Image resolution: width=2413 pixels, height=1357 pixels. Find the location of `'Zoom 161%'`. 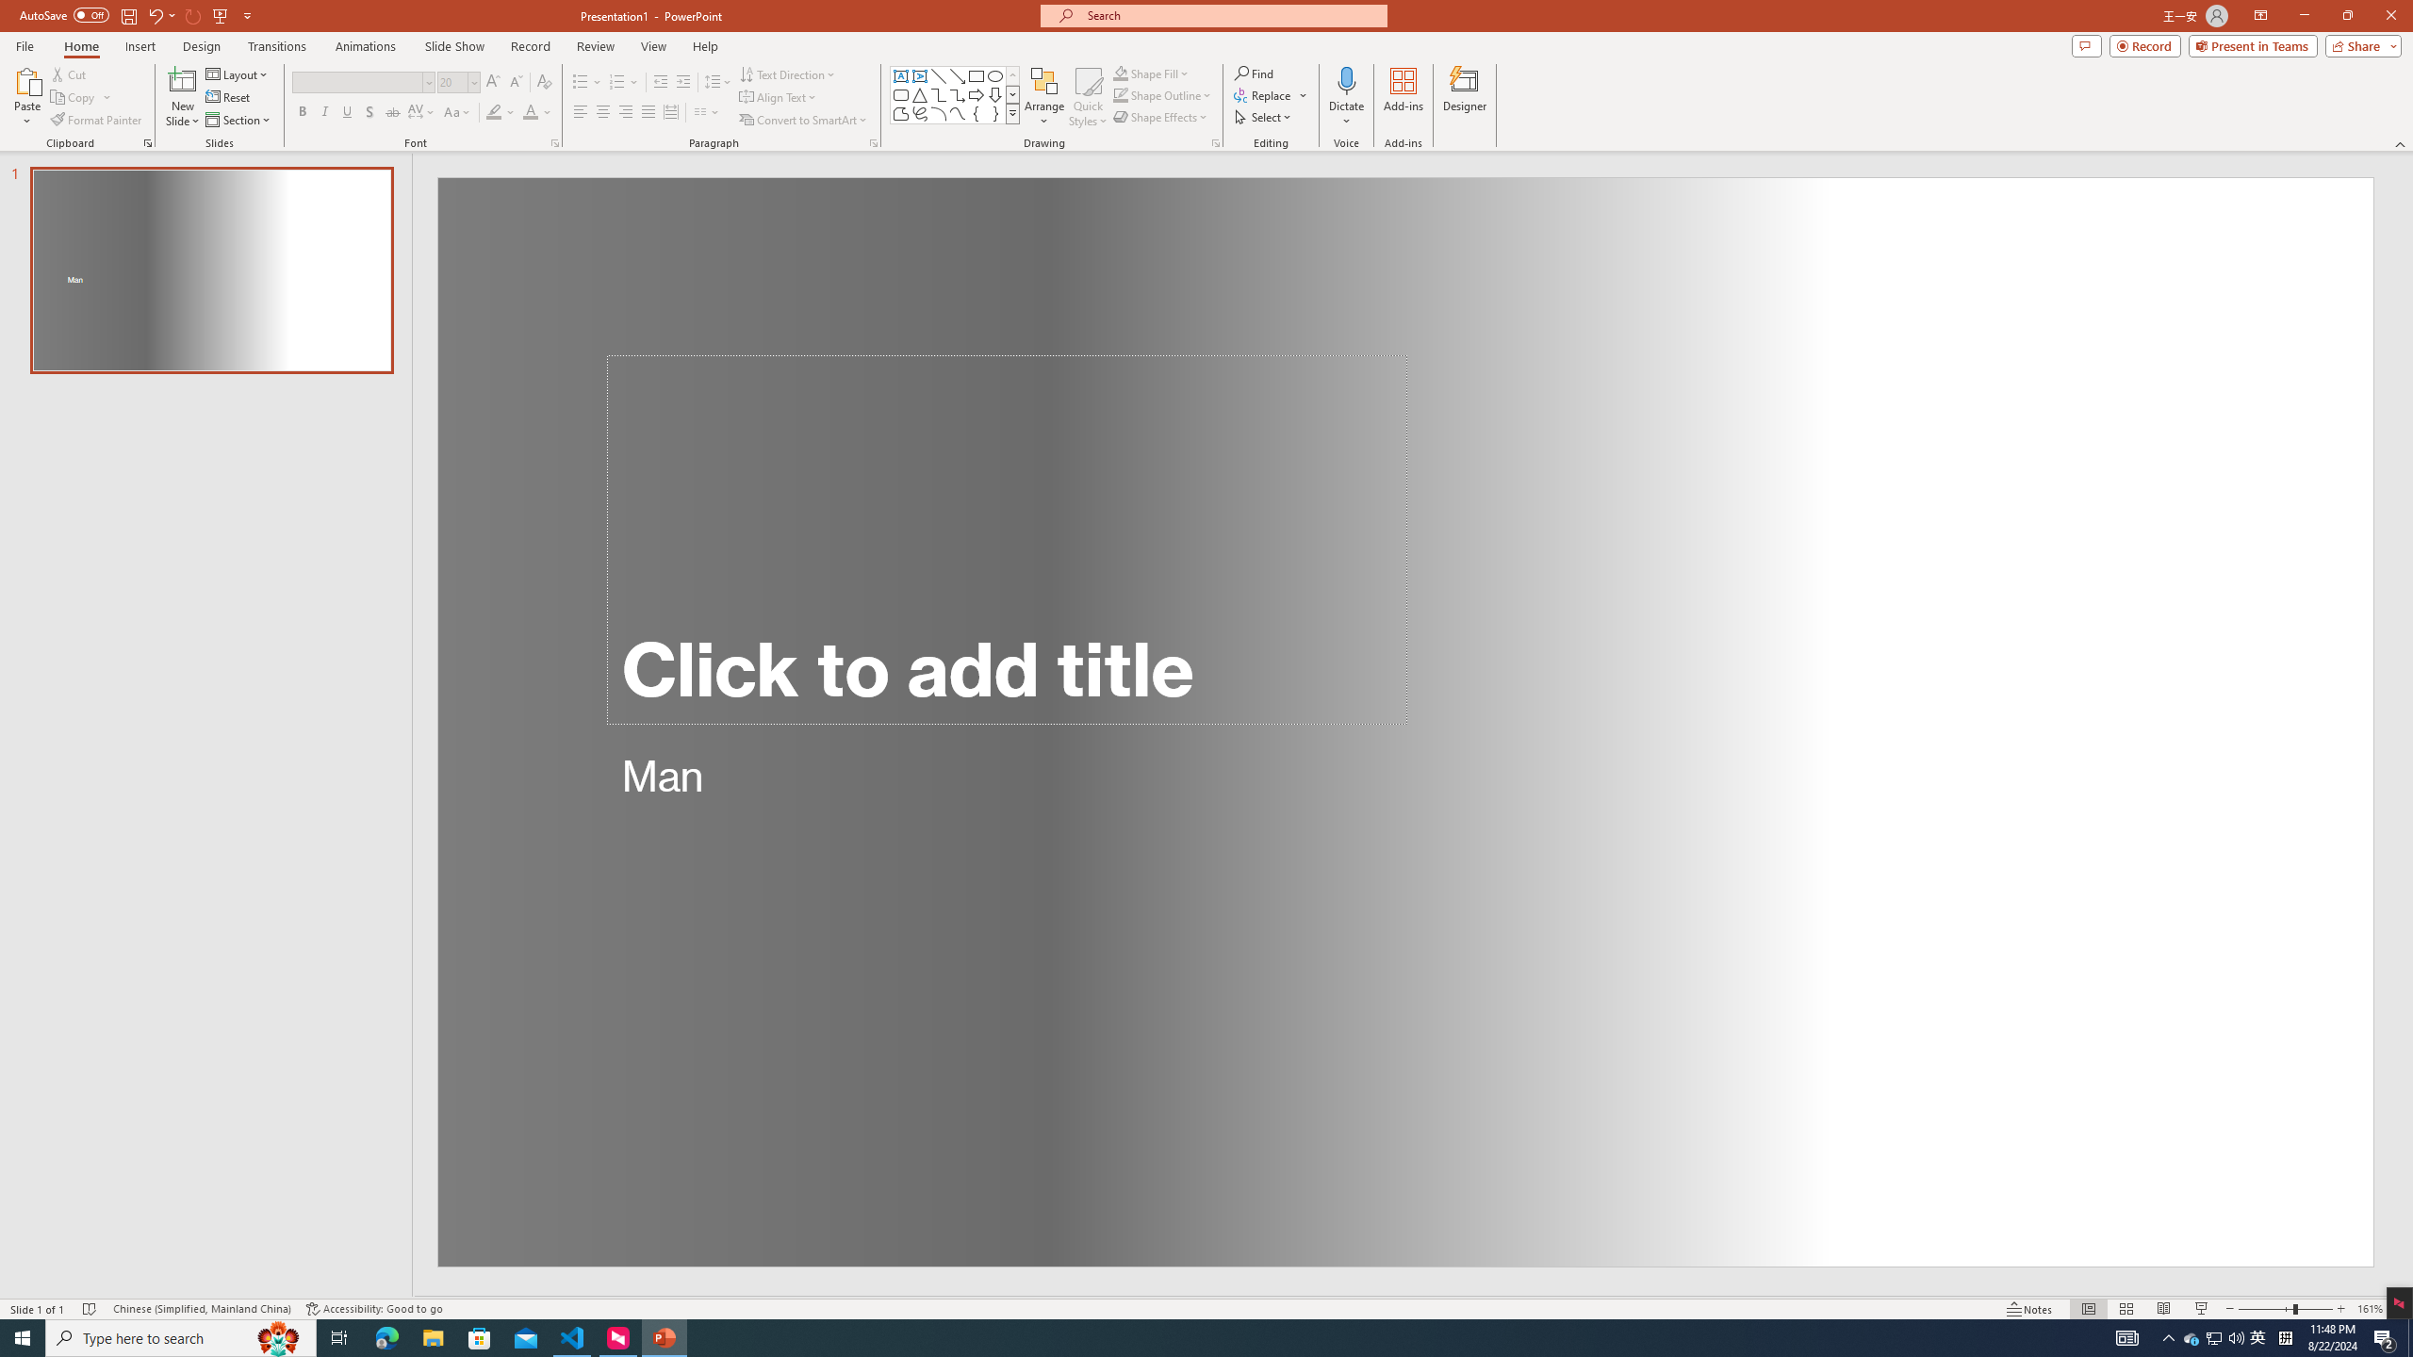

'Zoom 161%' is located at coordinates (2371, 1309).